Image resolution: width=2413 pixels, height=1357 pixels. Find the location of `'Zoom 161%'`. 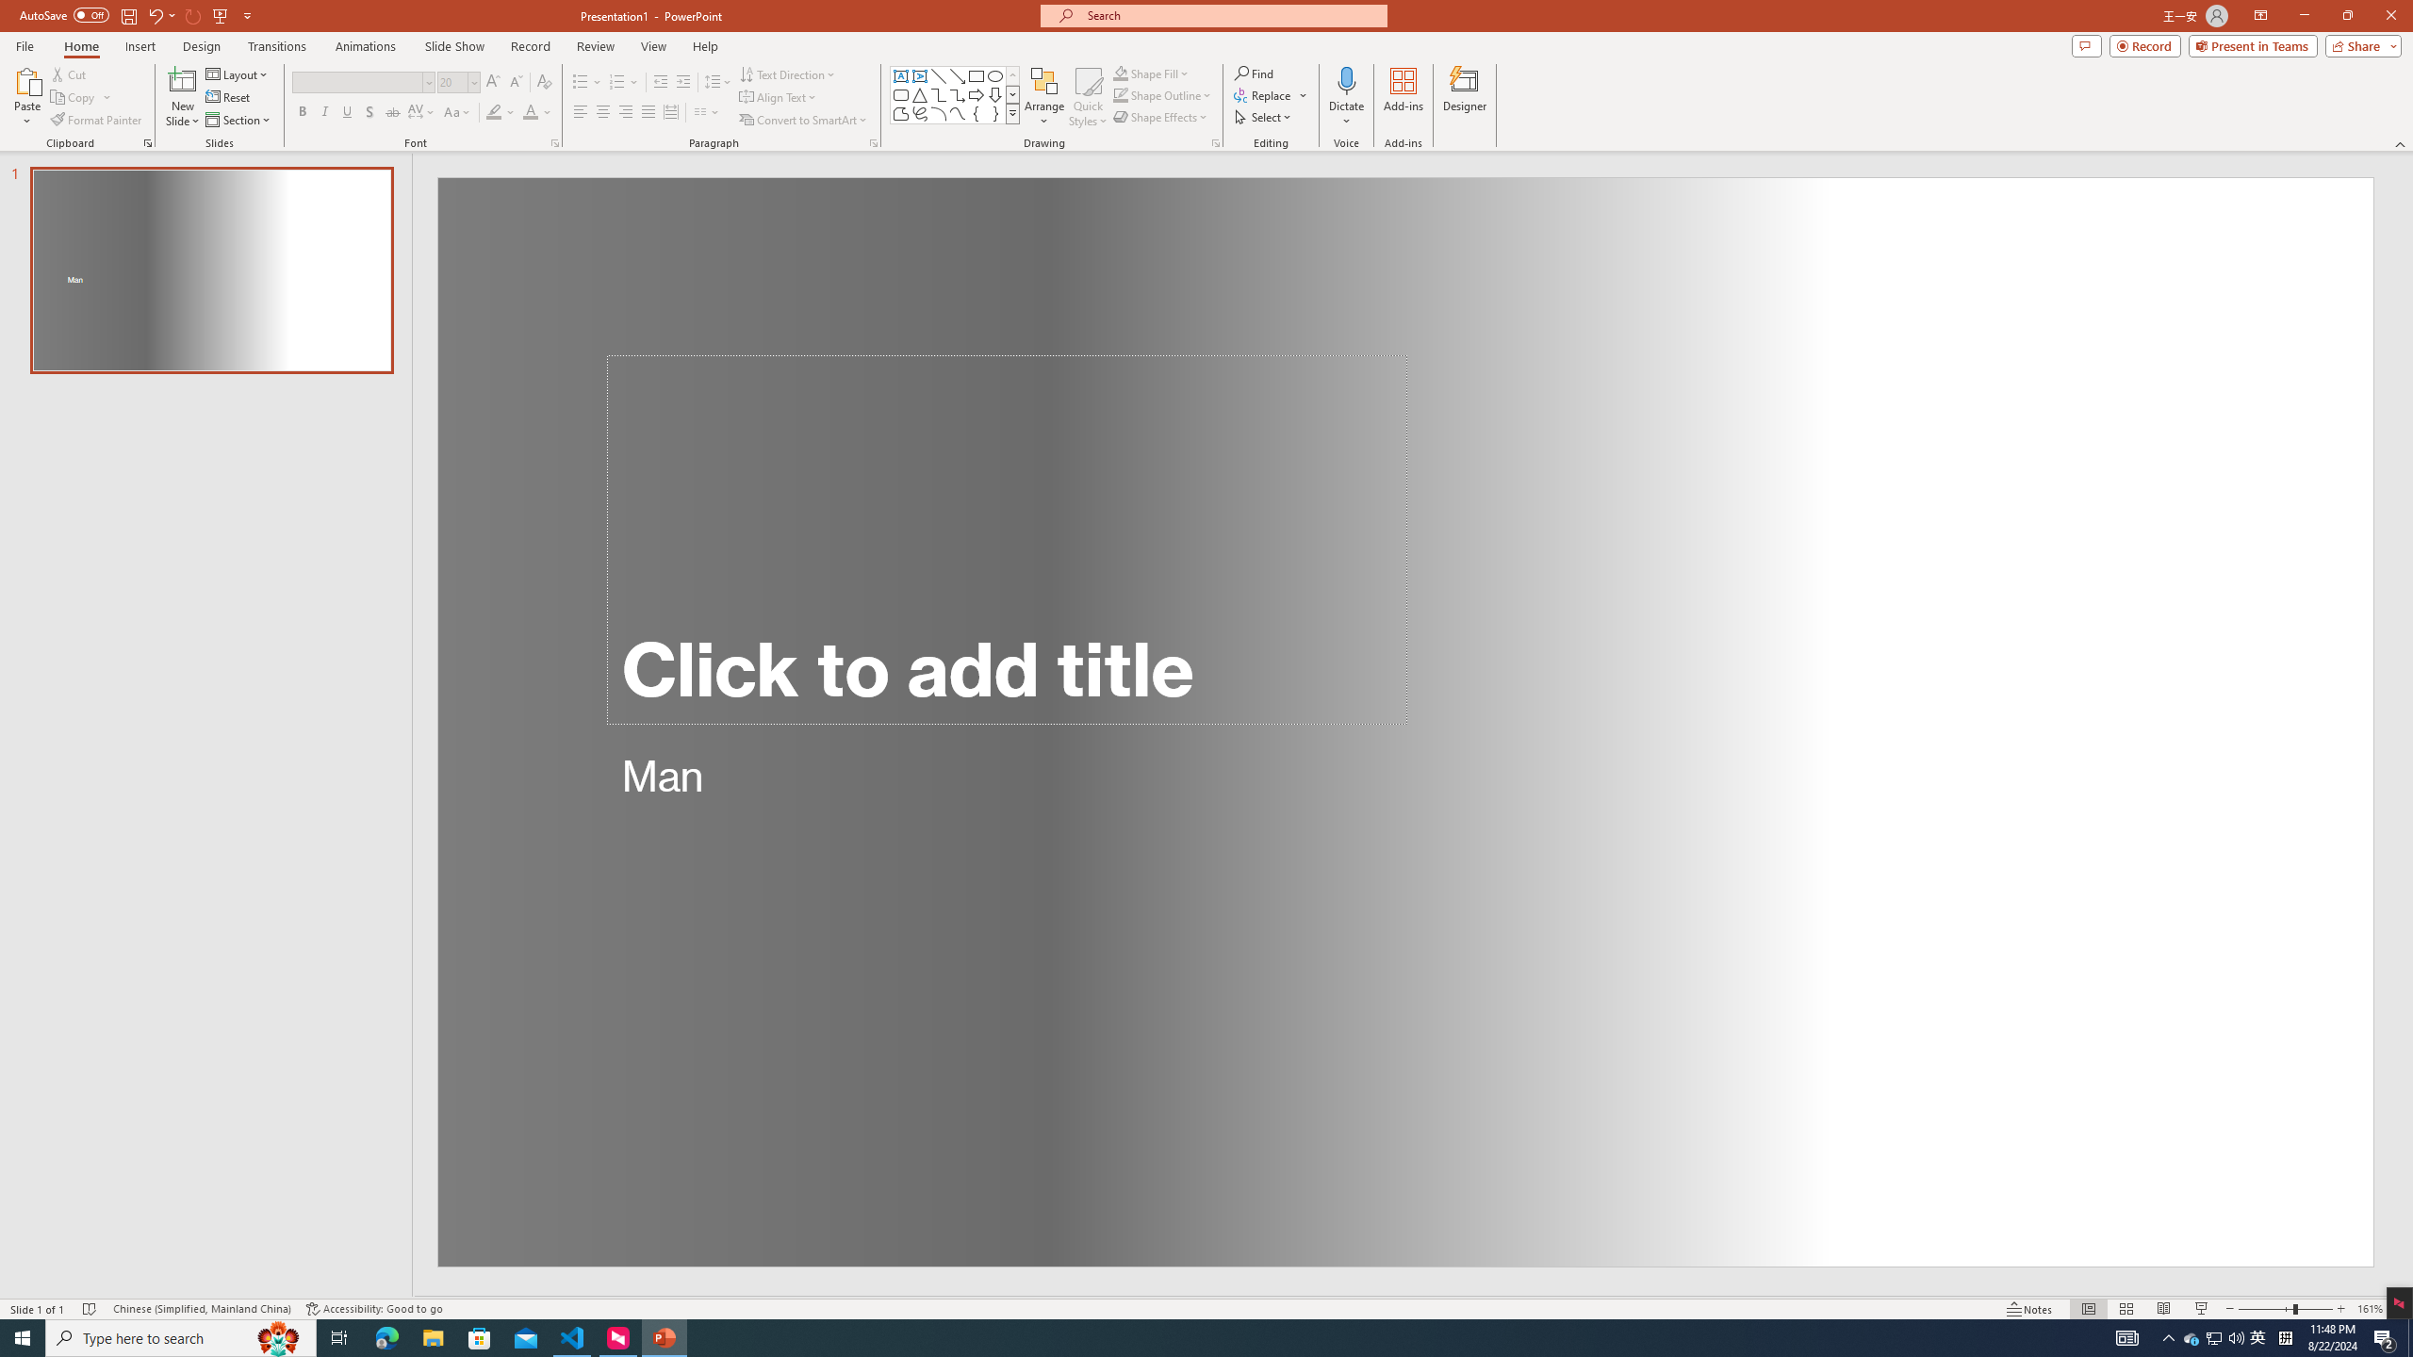

'Zoom 161%' is located at coordinates (2371, 1309).